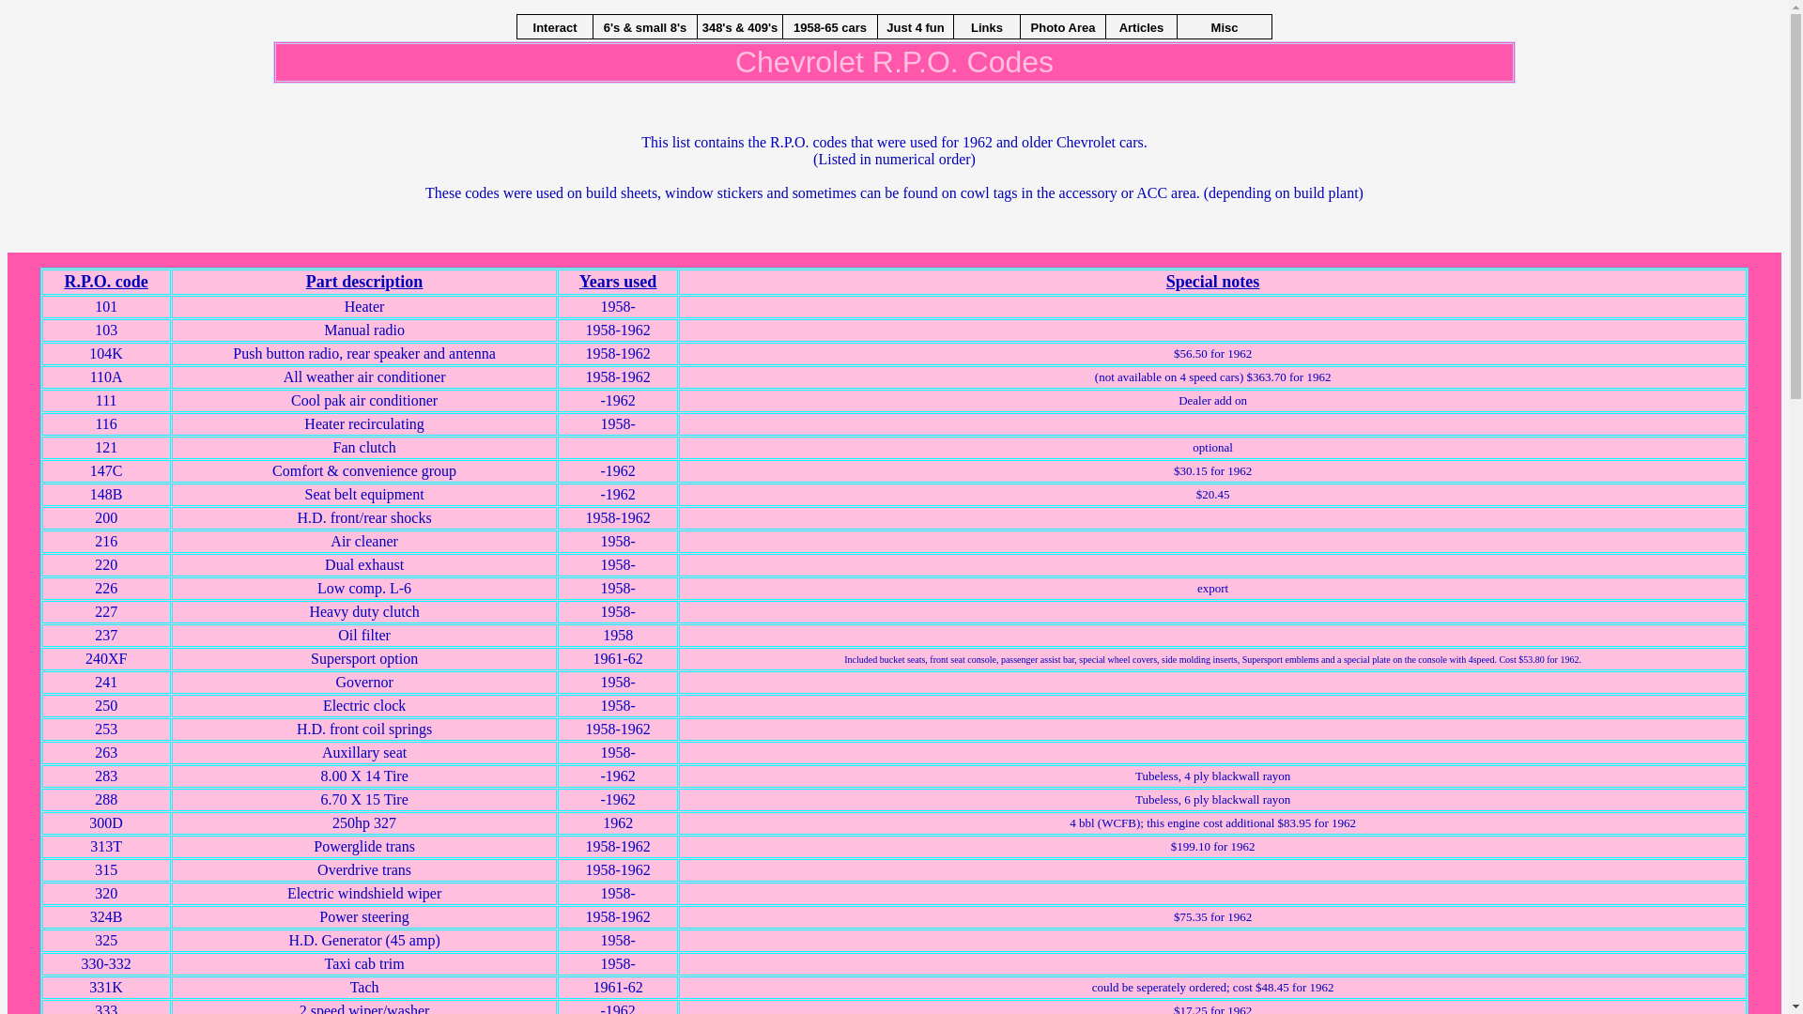 The height and width of the screenshot is (1014, 1803). I want to click on 'Misc', so click(1176, 26).